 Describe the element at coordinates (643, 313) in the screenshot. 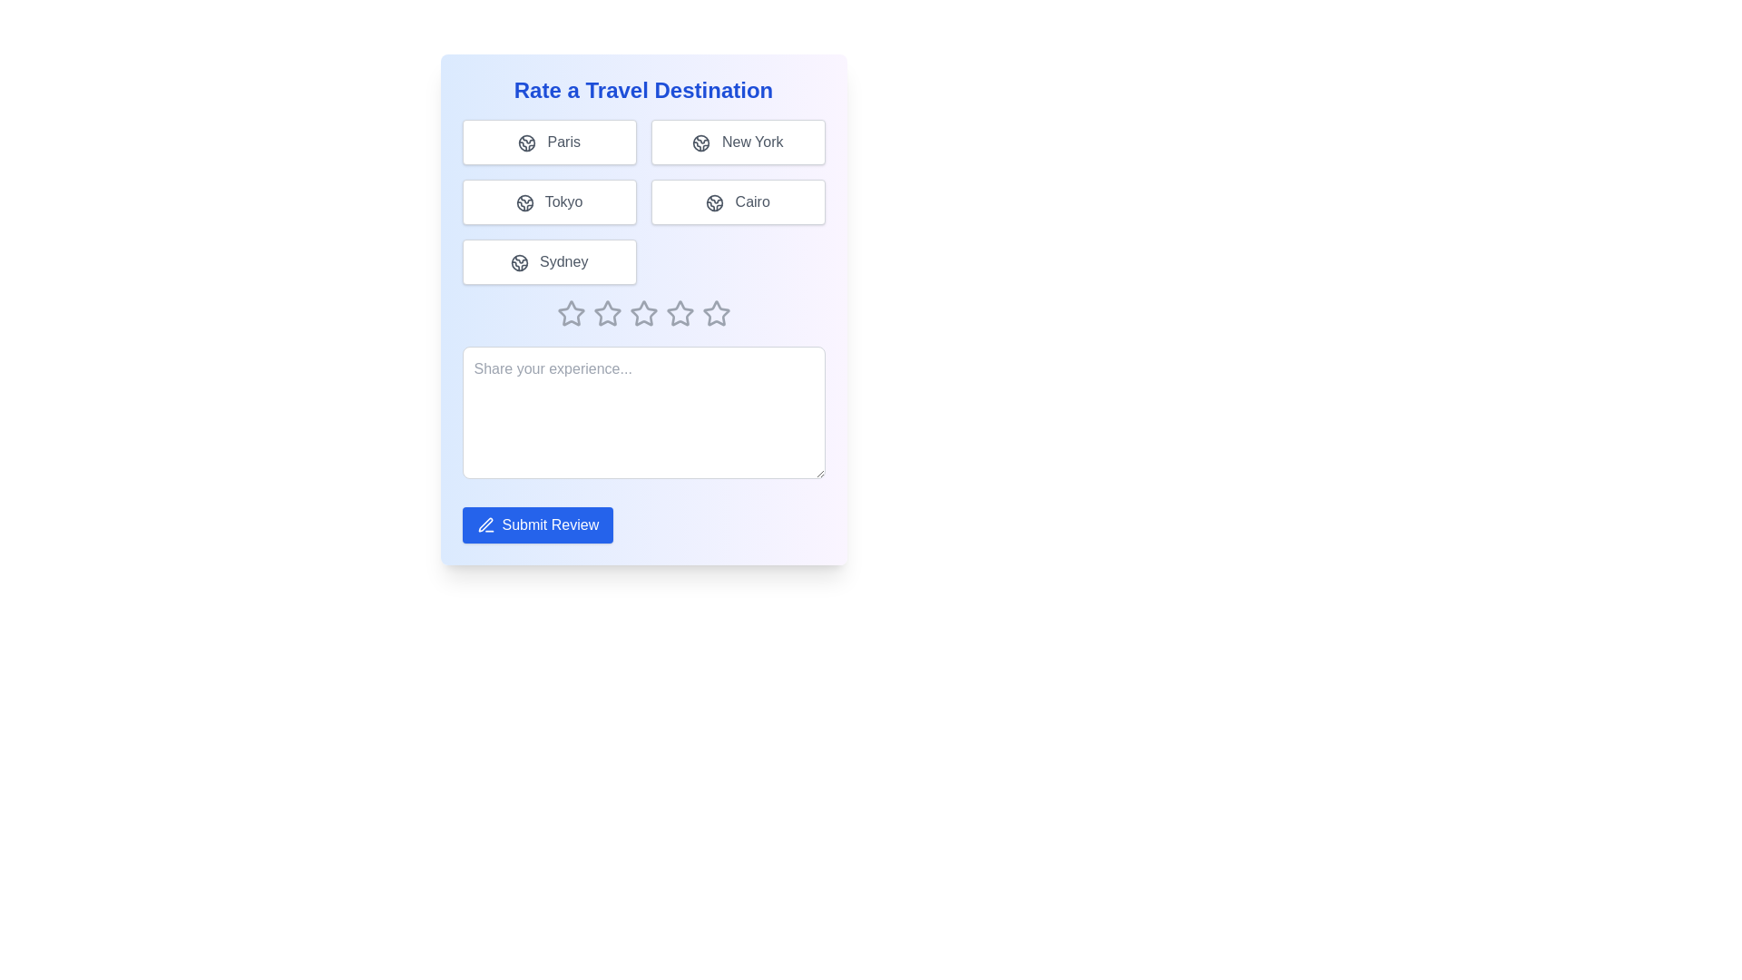

I see `the fourth star in the rating panel to provide feedback` at that location.